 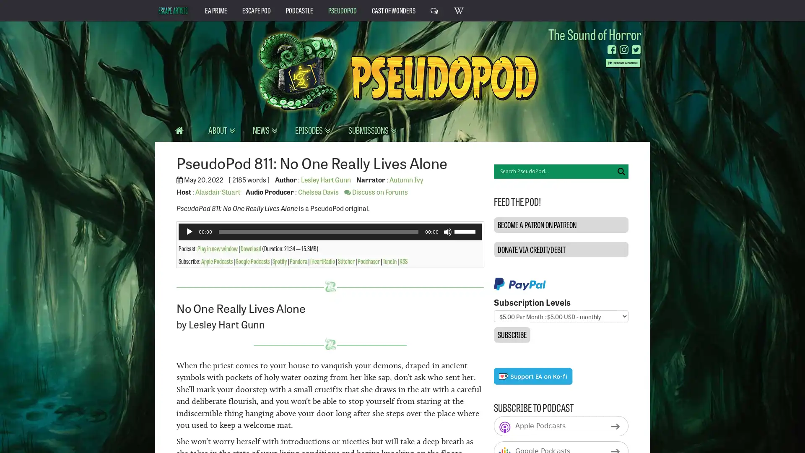 I want to click on Donate via Credit/Debit, so click(x=561, y=249).